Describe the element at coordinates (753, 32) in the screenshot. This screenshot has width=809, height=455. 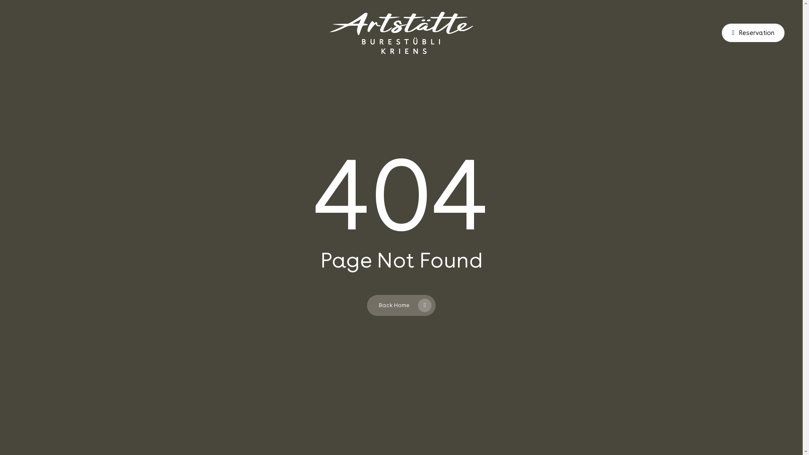
I see `'Reservation'` at that location.